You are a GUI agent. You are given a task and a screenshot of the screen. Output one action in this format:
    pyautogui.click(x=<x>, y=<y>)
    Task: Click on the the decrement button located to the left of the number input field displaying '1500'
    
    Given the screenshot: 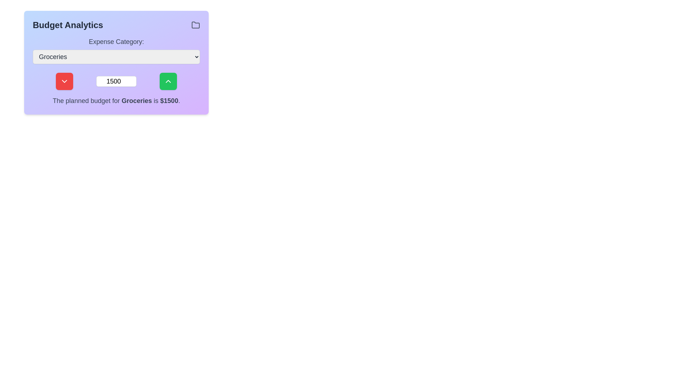 What is the action you would take?
    pyautogui.click(x=64, y=81)
    